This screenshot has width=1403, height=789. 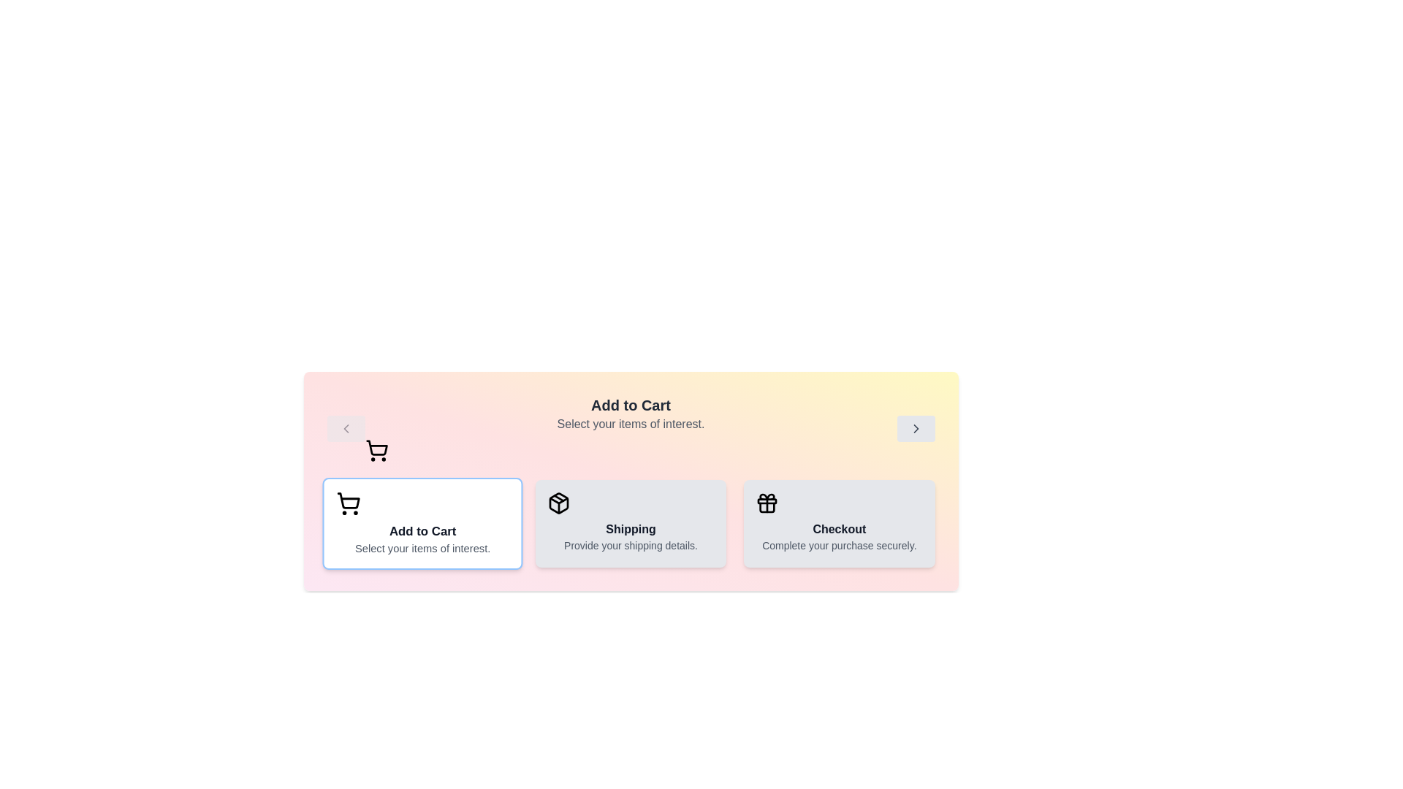 What do you see at coordinates (631, 530) in the screenshot?
I see `the 'Shipping' text label, which is displayed in bold black text within a light gray background, centrally located in the second card of a three-card layout` at bounding box center [631, 530].